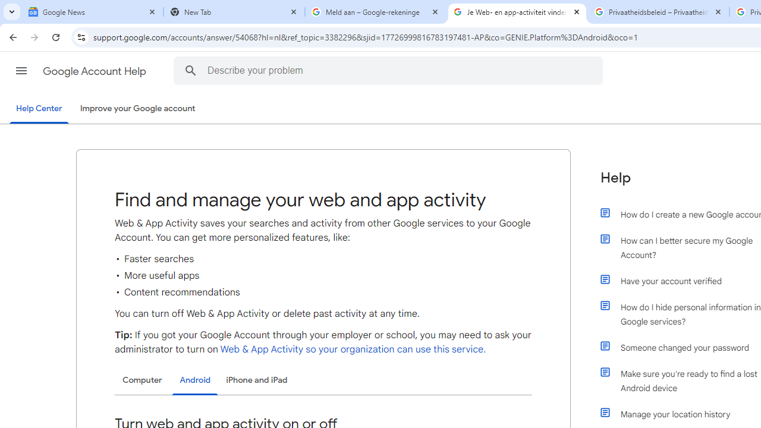 This screenshot has width=761, height=428. I want to click on 'Android', so click(195, 380).